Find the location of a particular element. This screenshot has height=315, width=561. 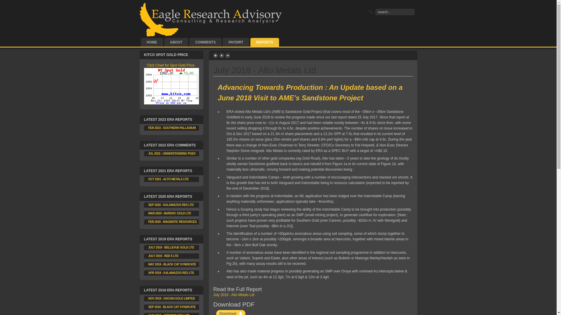

'HOME' is located at coordinates (152, 42).